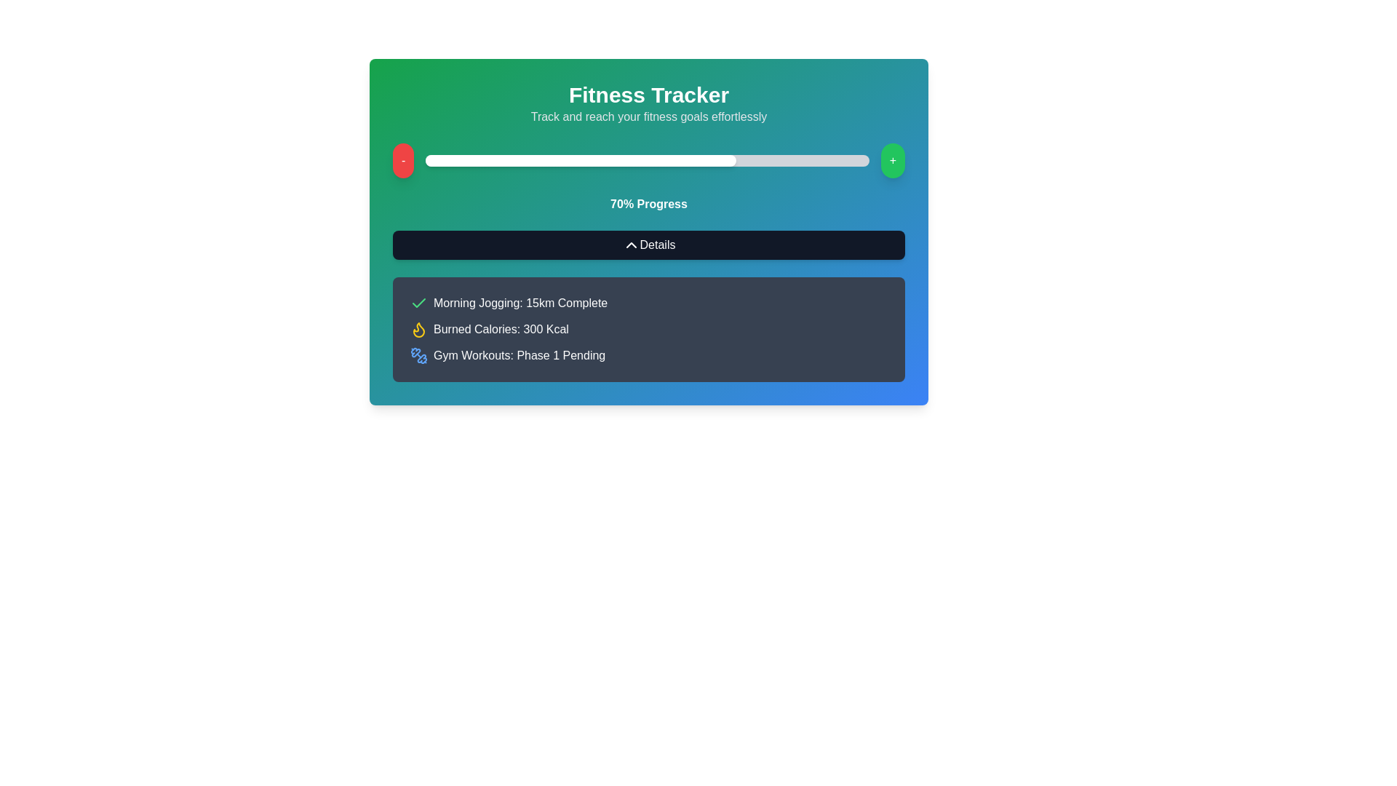 This screenshot has width=1397, height=786. I want to click on progress, so click(754, 160).